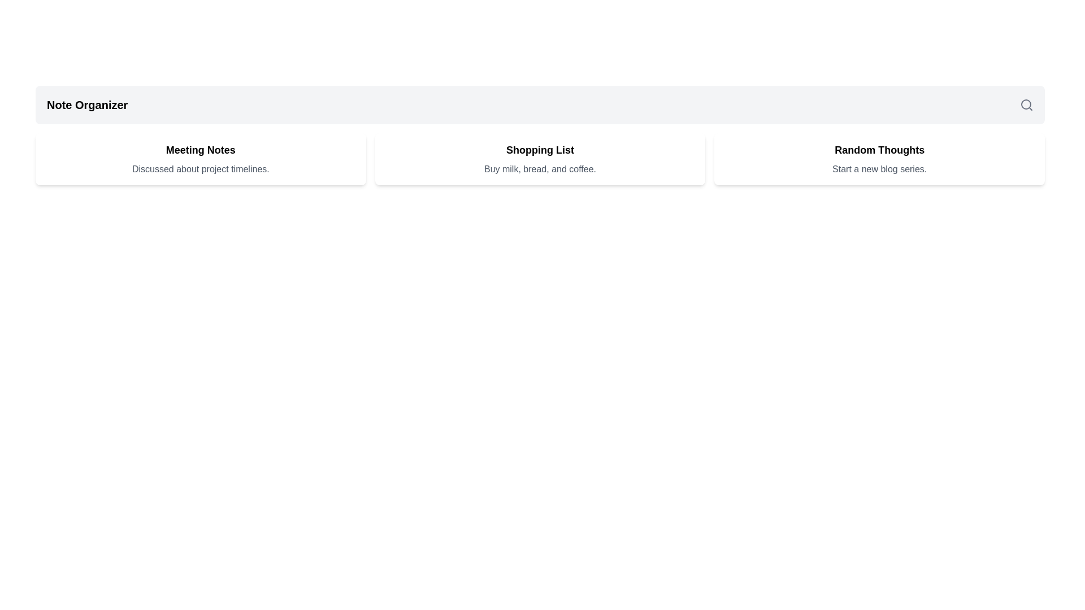 This screenshot has width=1085, height=610. I want to click on the descriptive text located below the title 'Random Thoughts' in the third card of a horizontal series of three cards, so click(879, 169).